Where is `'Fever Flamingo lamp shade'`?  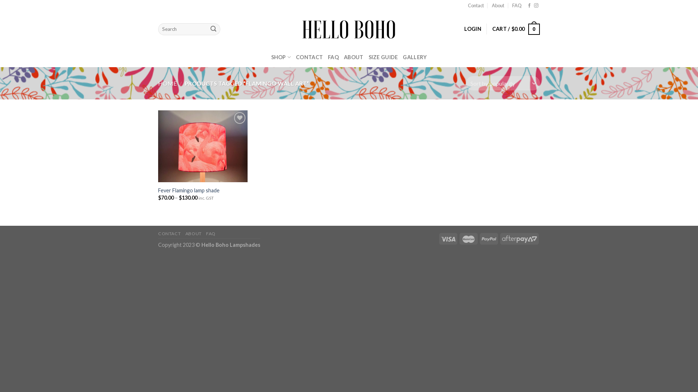
'Fever Flamingo lamp shade' is located at coordinates (189, 190).